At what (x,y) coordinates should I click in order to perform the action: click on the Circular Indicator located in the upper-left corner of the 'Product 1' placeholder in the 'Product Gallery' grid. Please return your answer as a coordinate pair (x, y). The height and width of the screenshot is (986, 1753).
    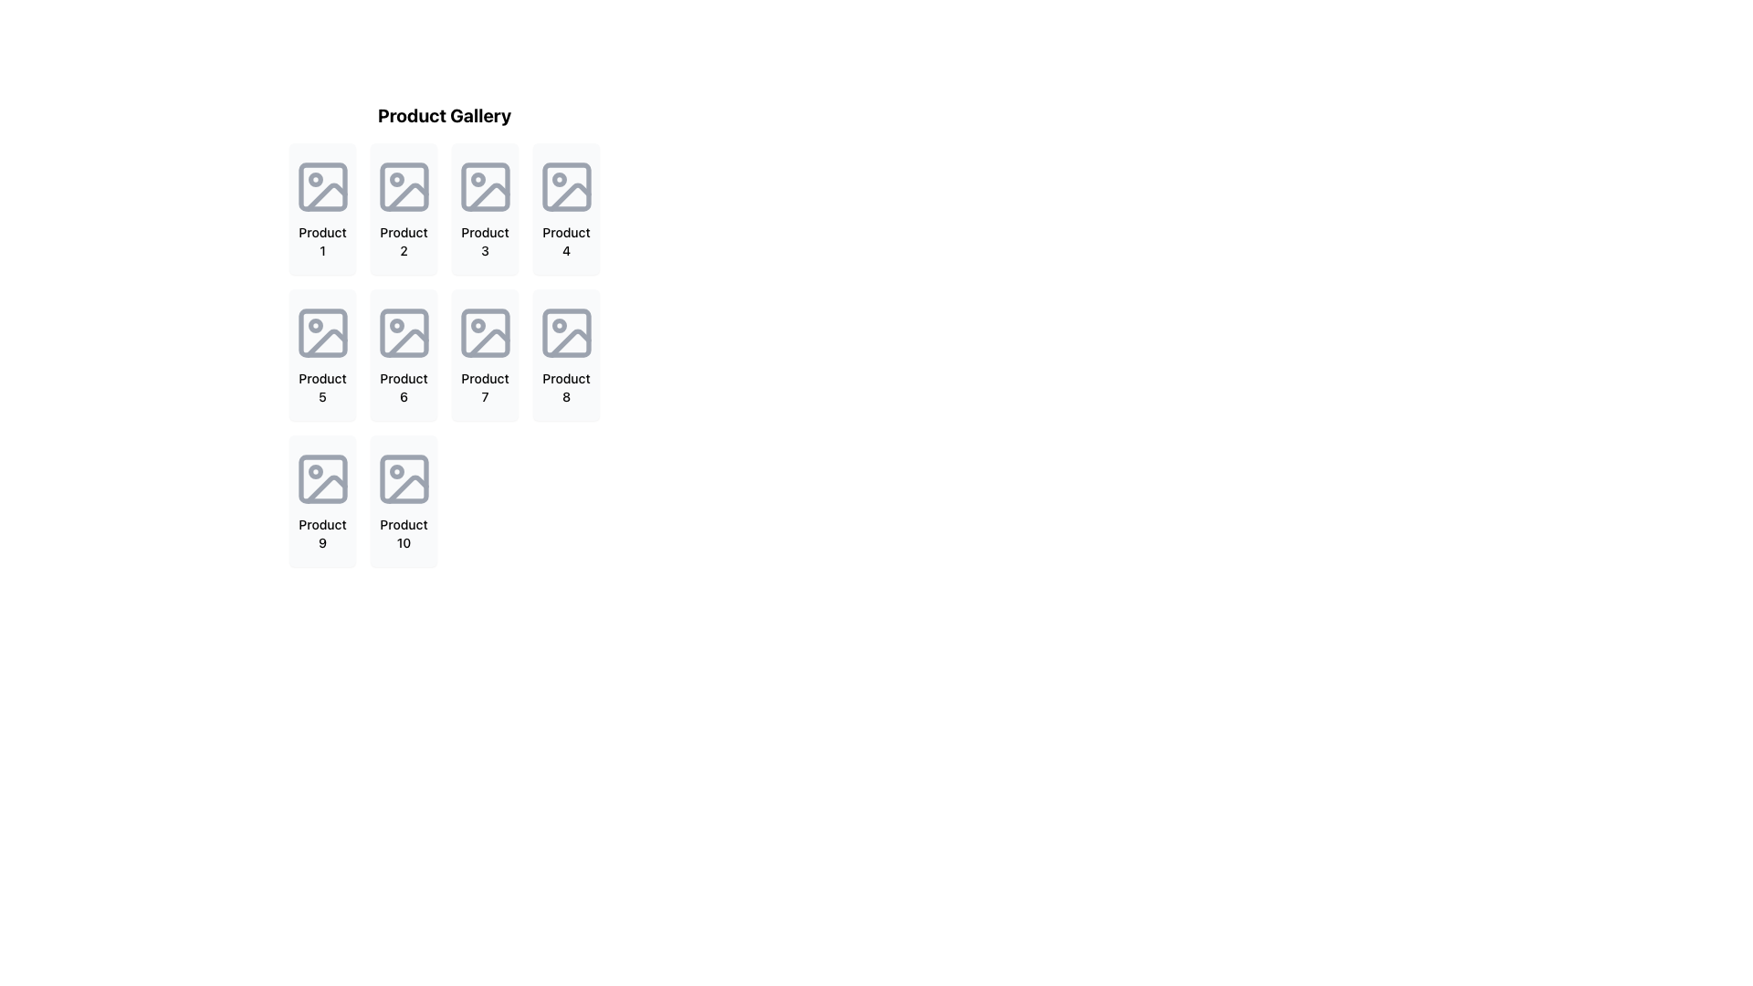
    Looking at the image, I should click on (315, 179).